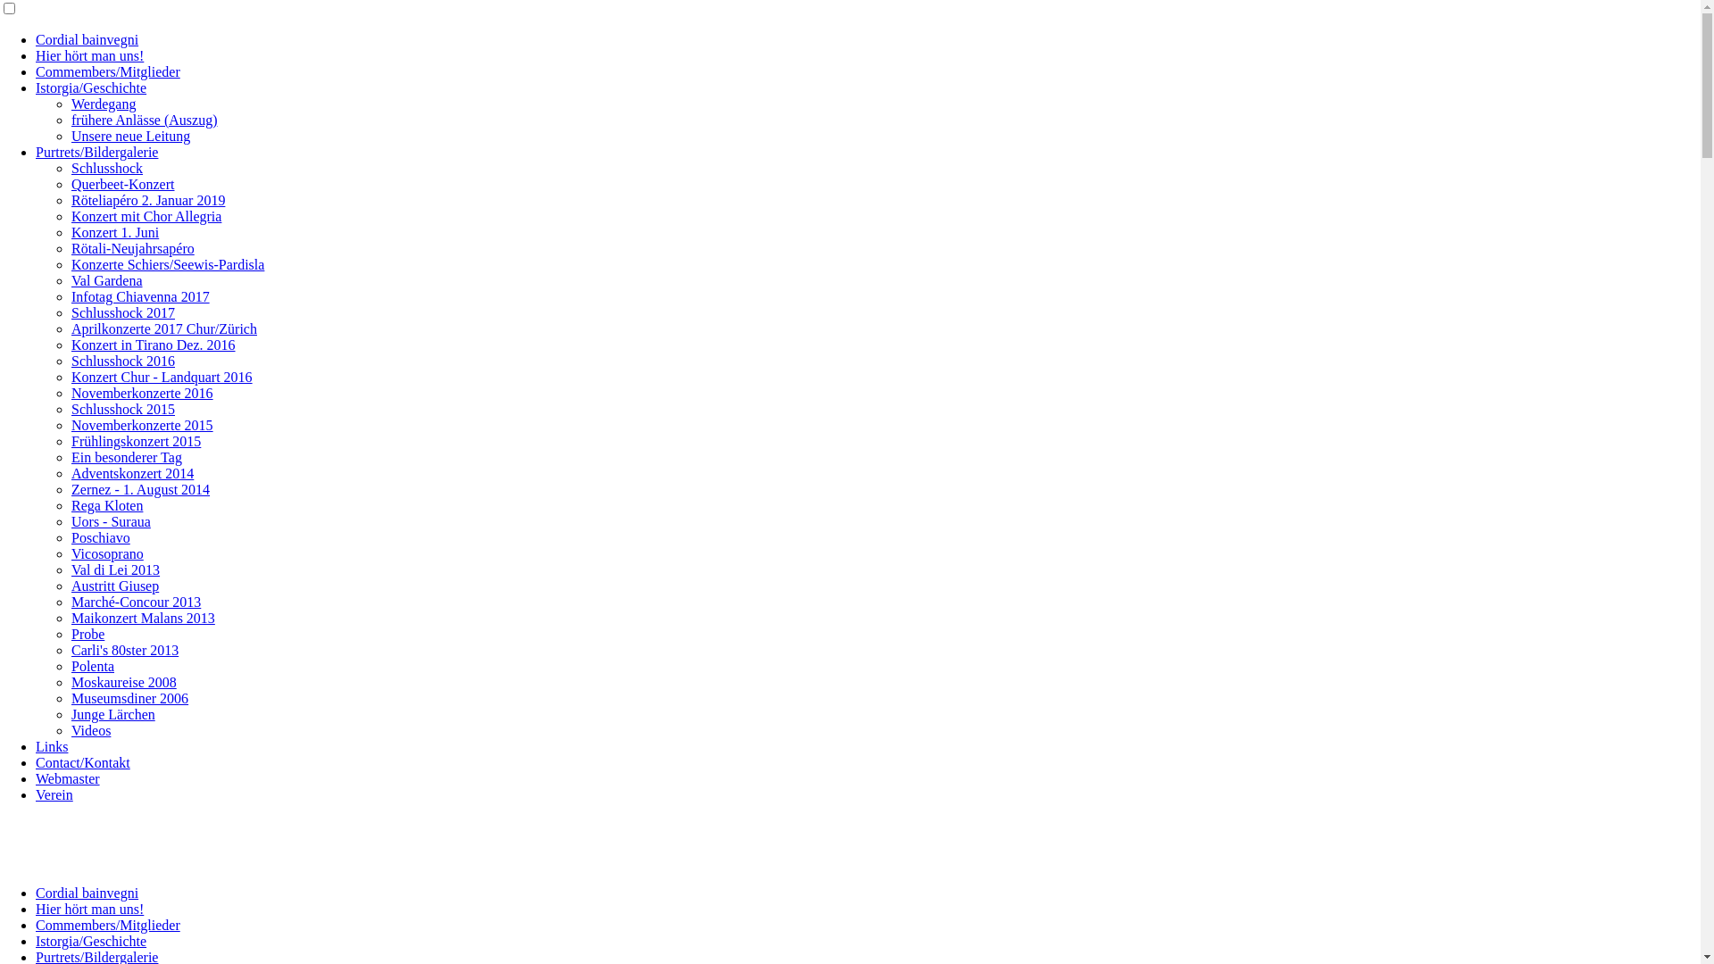  I want to click on 'Zernez - 1. August 2014', so click(139, 489).